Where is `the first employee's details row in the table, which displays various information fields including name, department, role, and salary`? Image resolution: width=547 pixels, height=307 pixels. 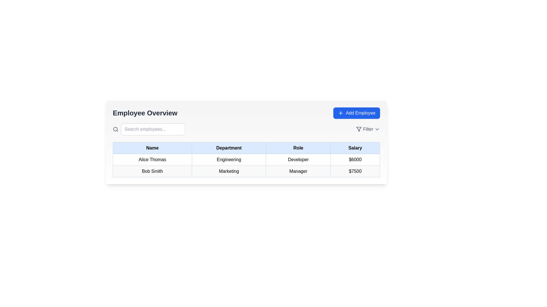
the first employee's details row in the table, which displays various information fields including name, department, role, and salary is located at coordinates (246, 160).